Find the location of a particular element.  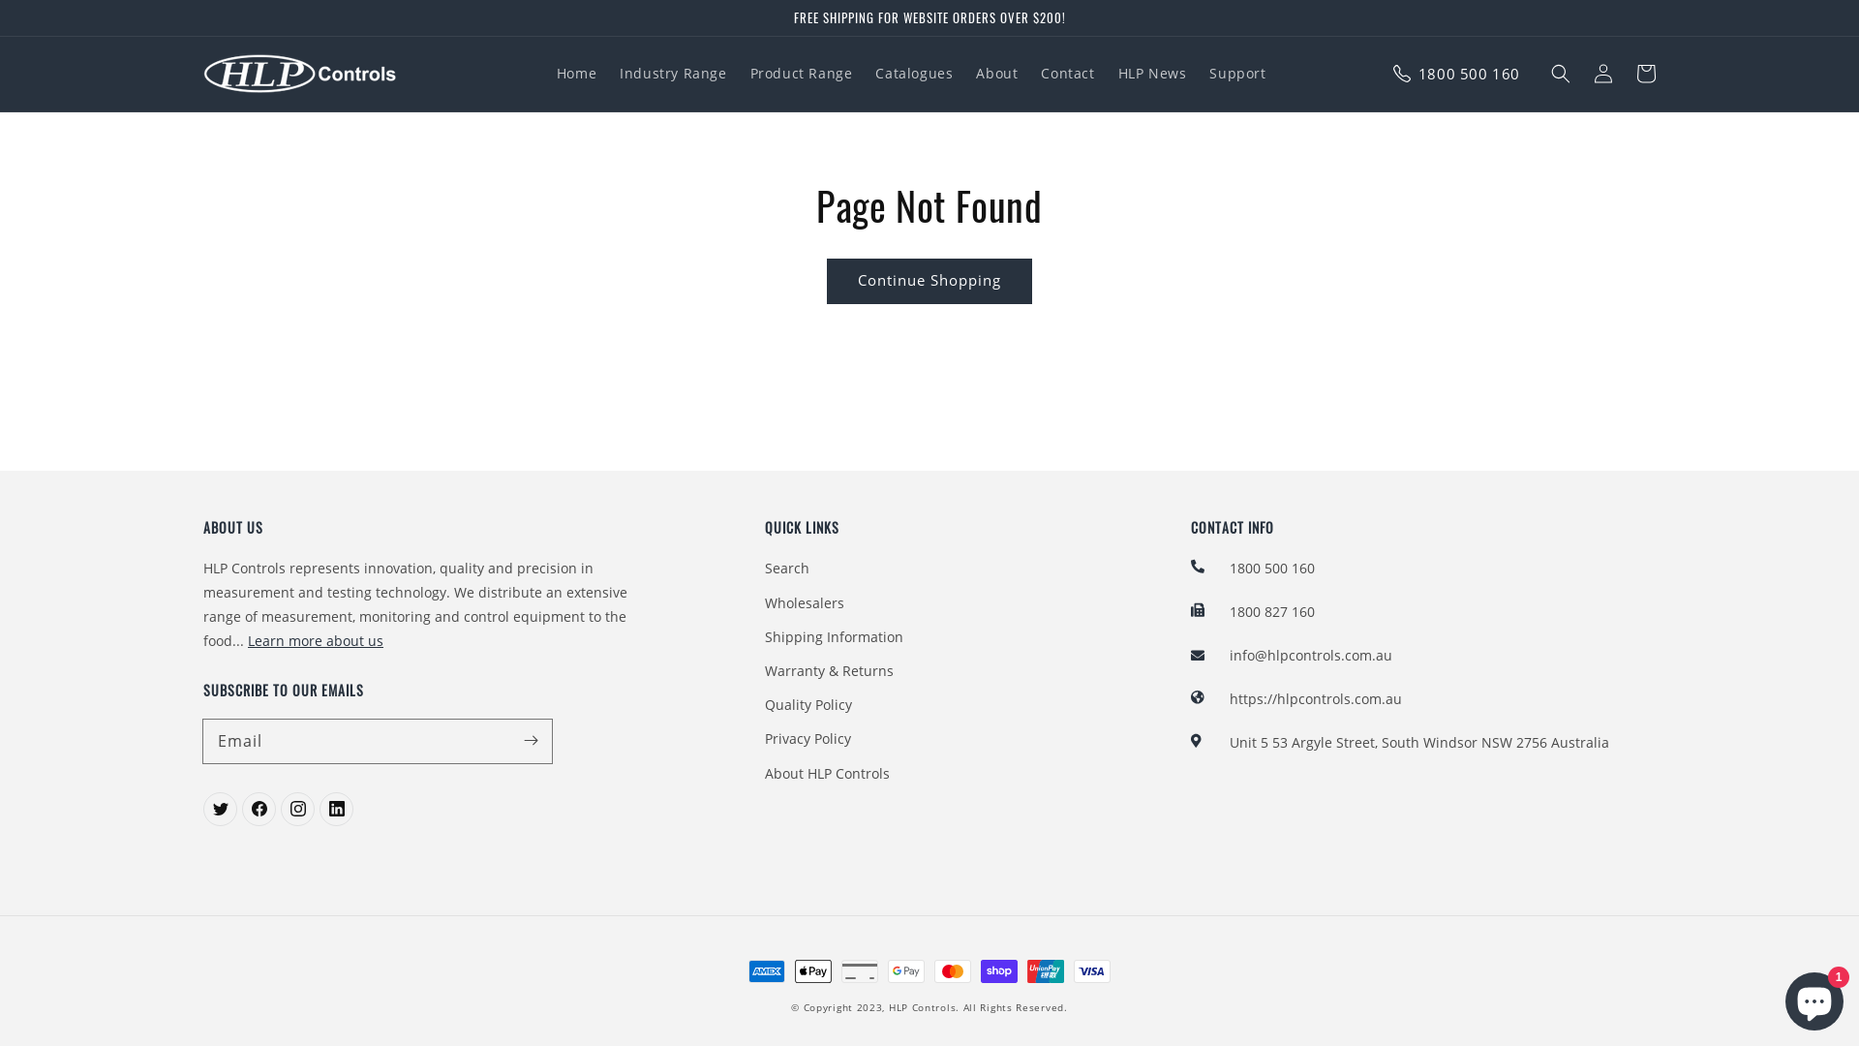

'HLP News' is located at coordinates (1152, 73).